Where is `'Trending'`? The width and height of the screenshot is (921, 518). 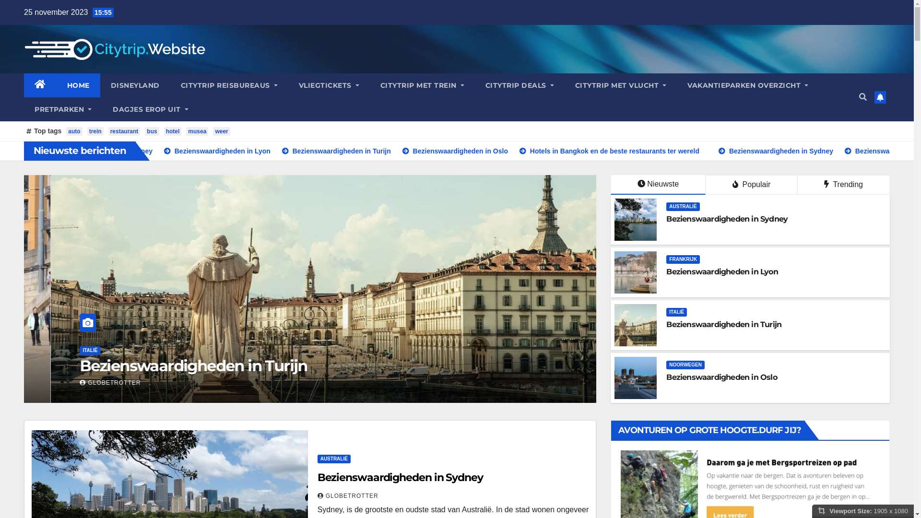 'Trending' is located at coordinates (797, 185).